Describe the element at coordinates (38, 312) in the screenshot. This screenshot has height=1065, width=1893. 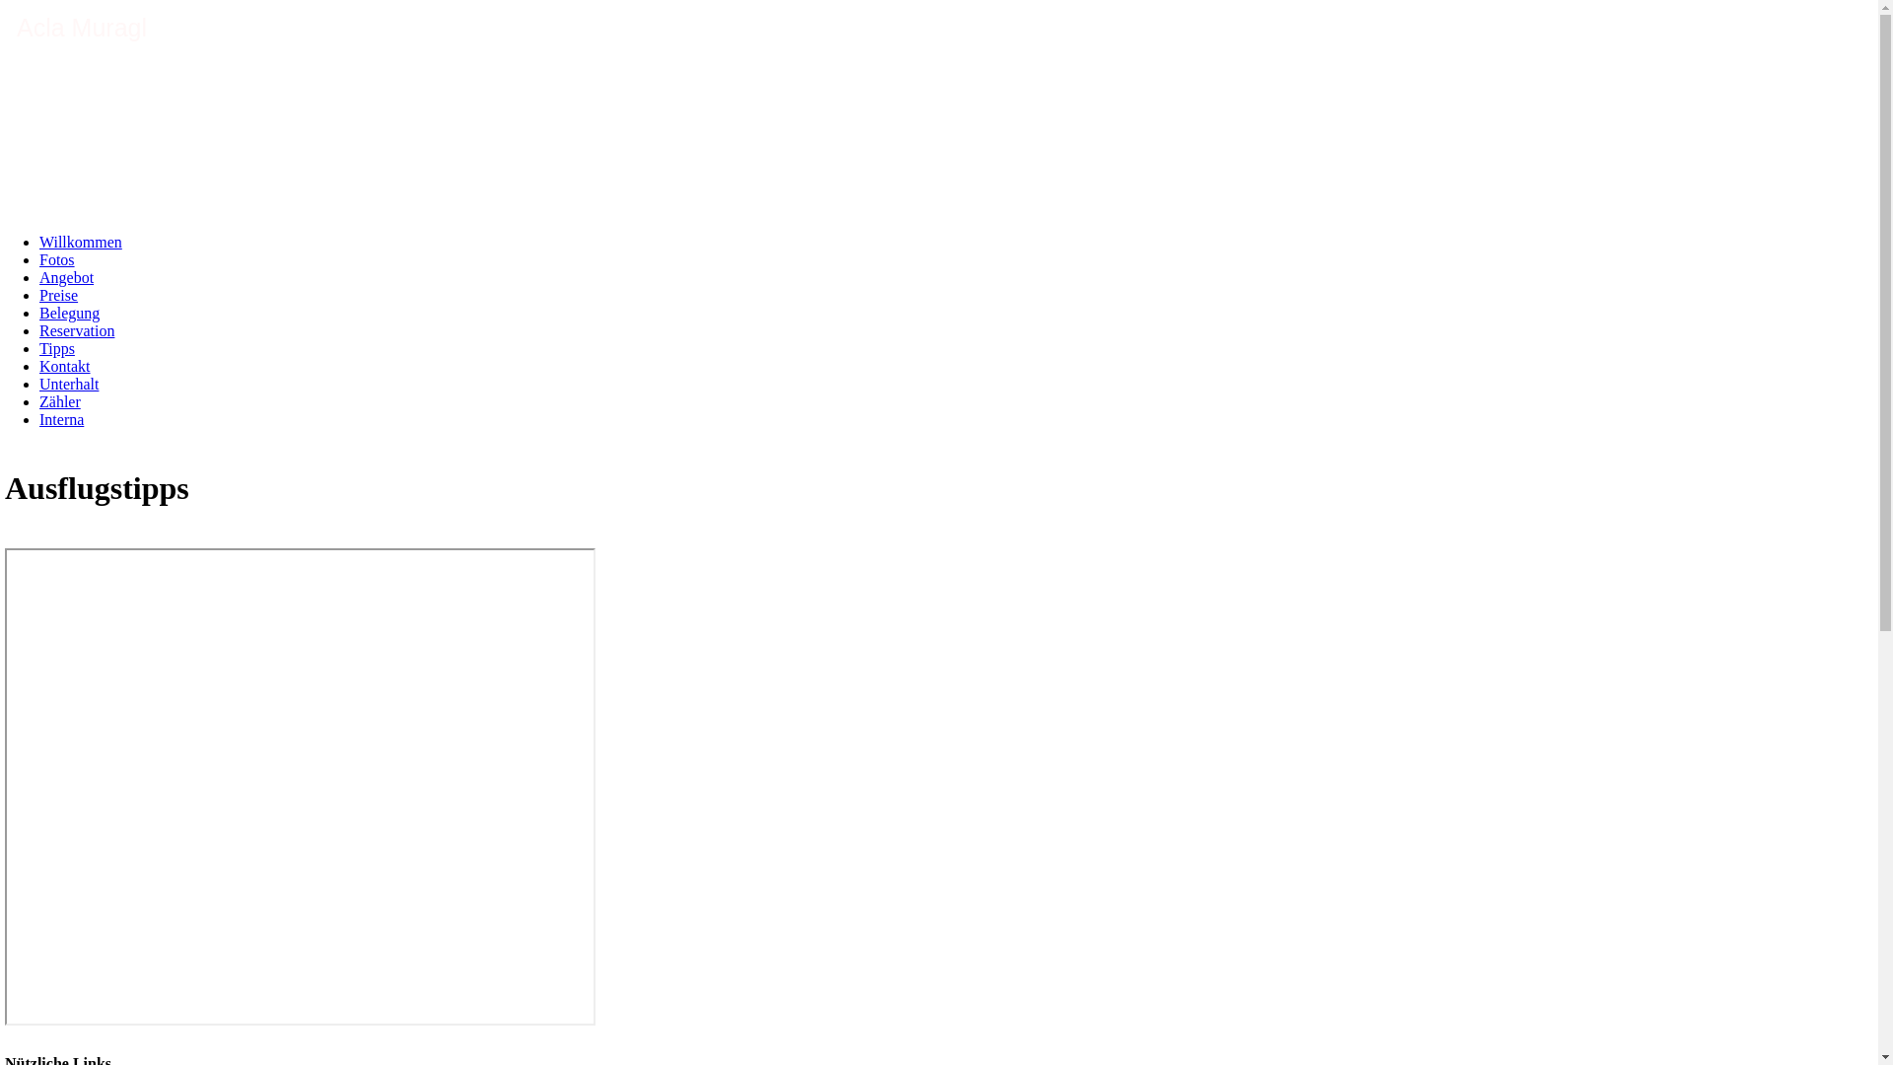
I see `'Belegung'` at that location.